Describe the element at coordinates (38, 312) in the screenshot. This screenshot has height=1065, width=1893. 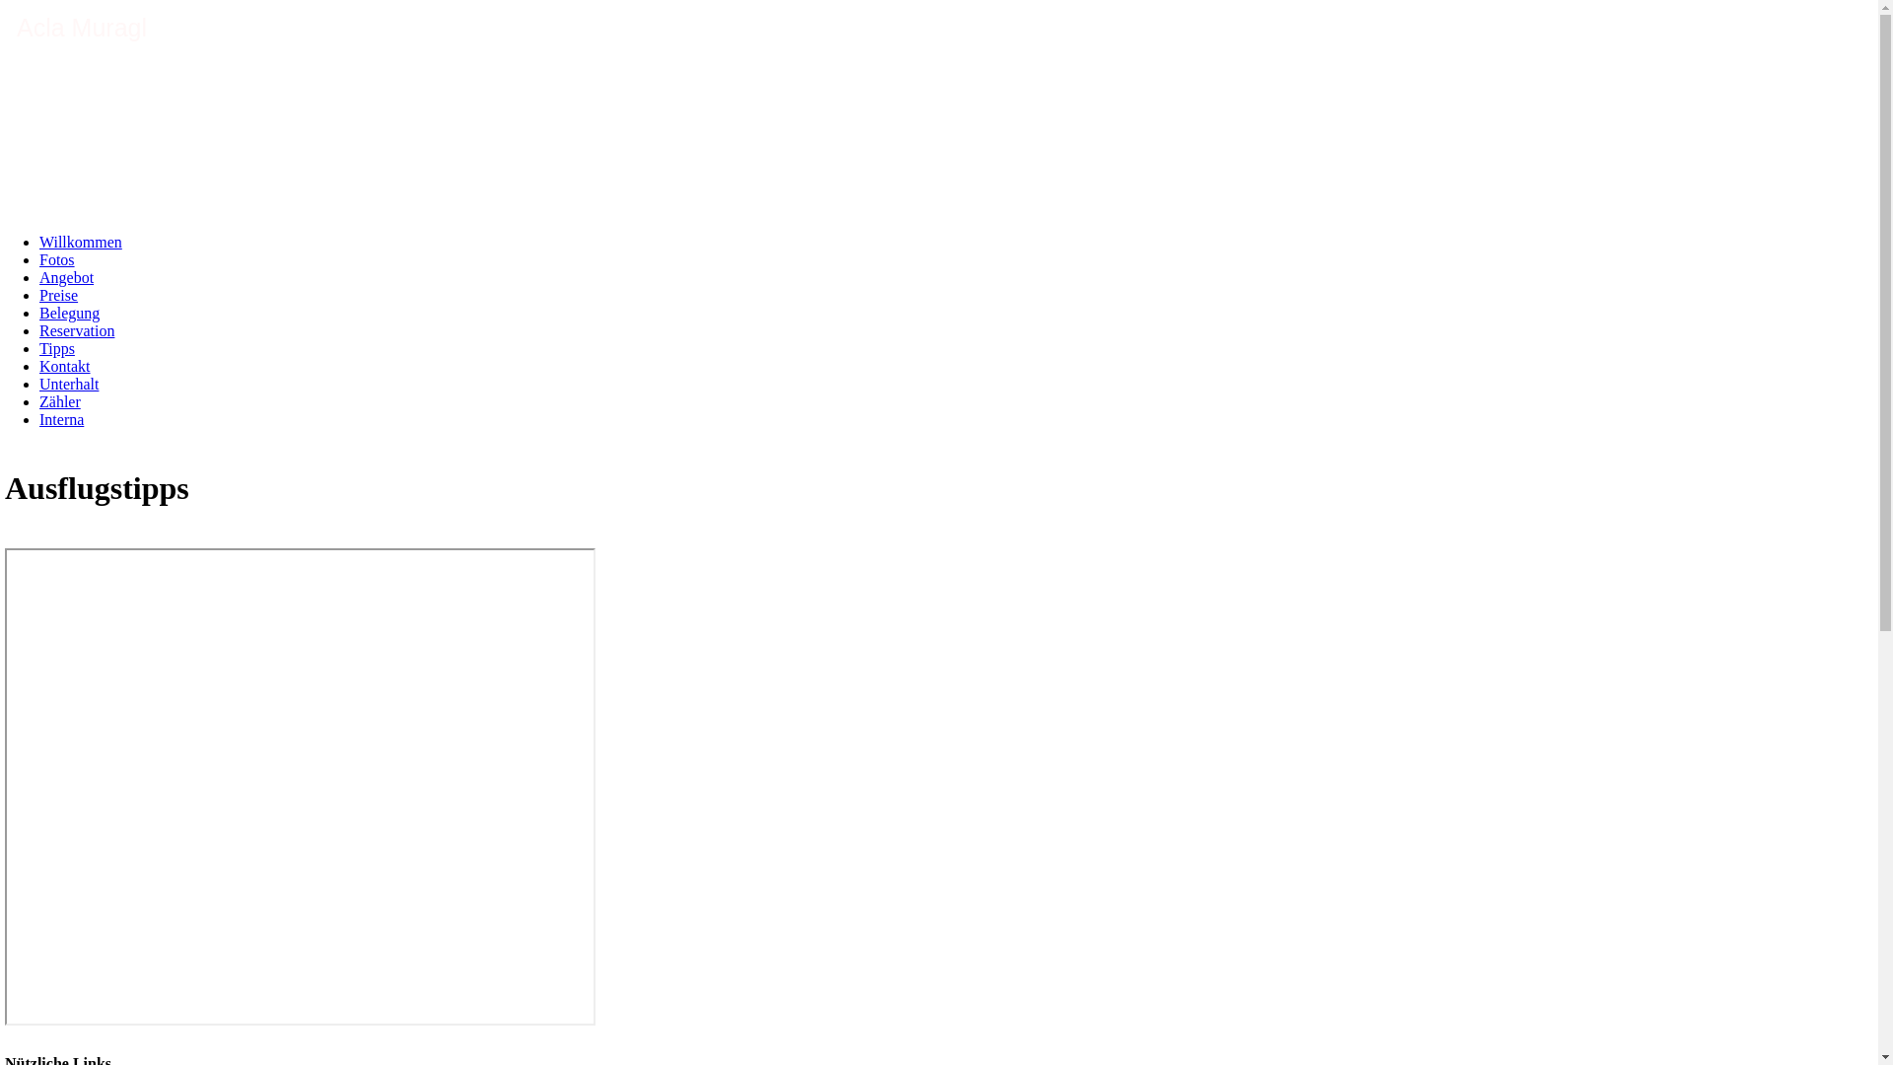
I see `'Belegung'` at that location.